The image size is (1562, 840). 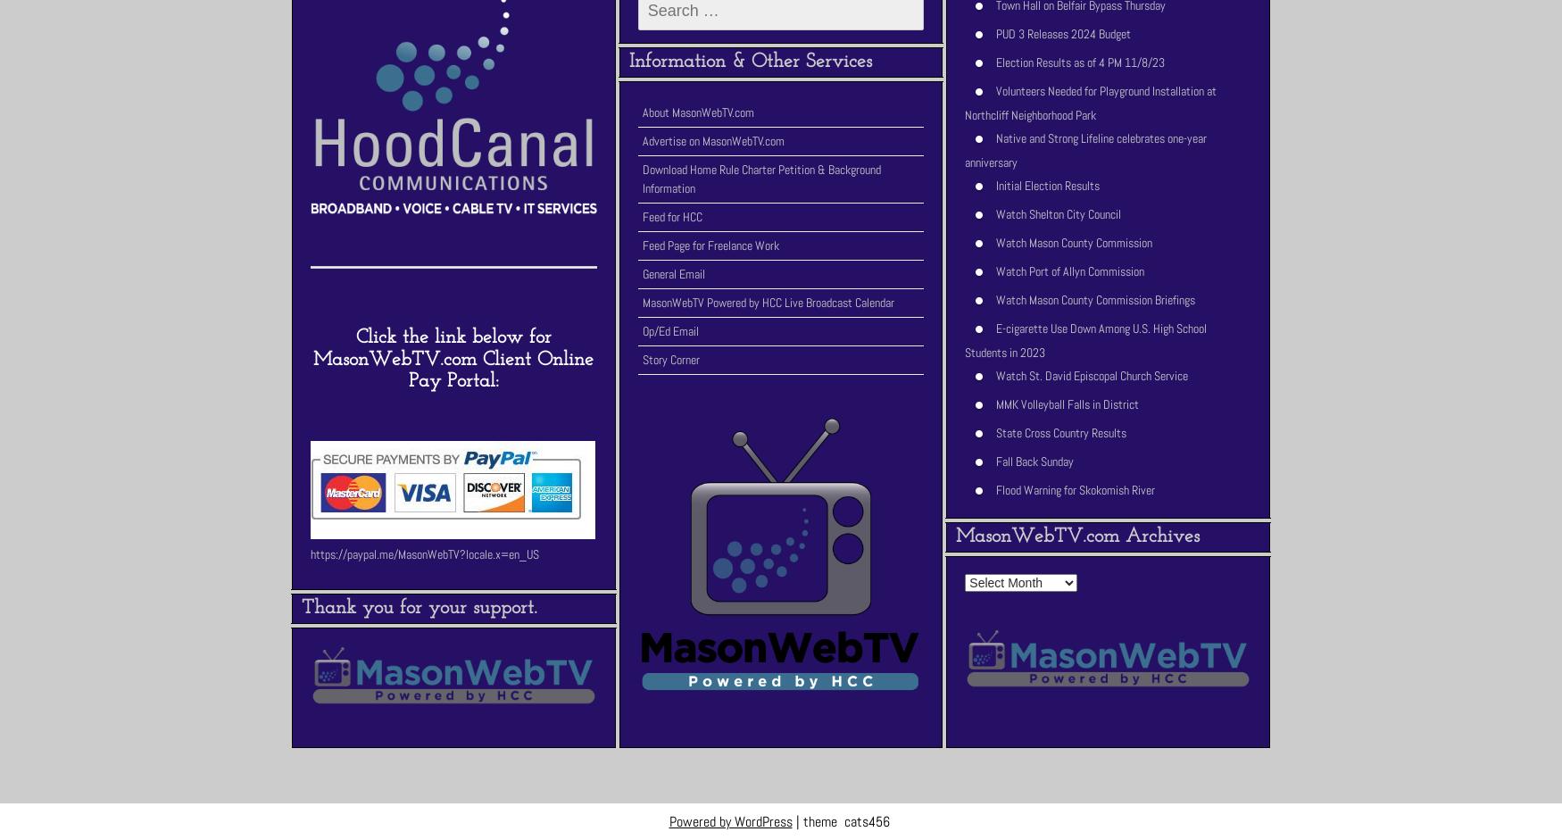 I want to click on 'Watch Mason County Commission', so click(x=1076, y=242).